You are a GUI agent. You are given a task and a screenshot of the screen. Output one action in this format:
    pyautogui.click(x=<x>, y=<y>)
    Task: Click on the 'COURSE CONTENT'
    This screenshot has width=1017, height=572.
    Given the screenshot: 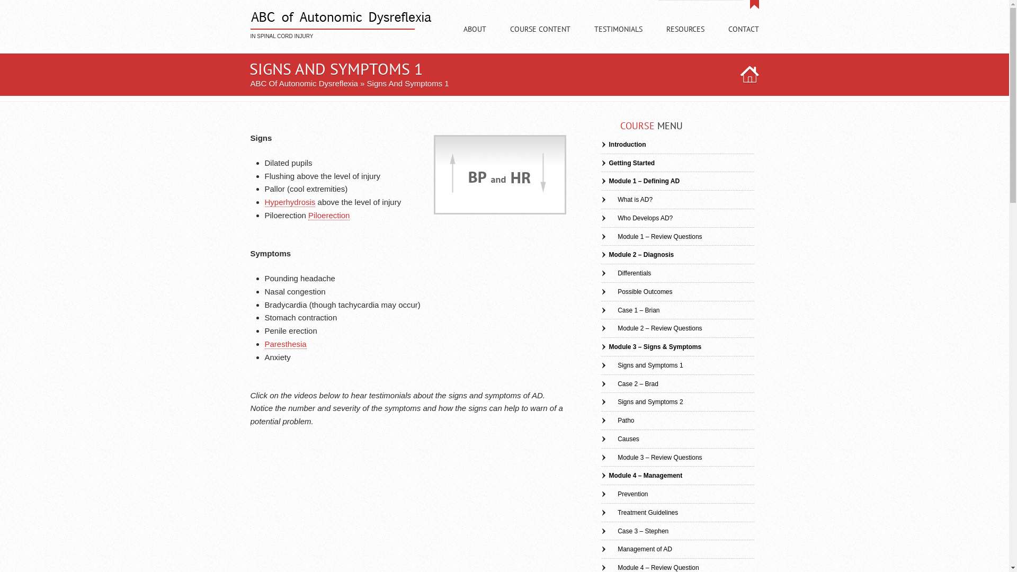 What is the action you would take?
    pyautogui.click(x=539, y=38)
    